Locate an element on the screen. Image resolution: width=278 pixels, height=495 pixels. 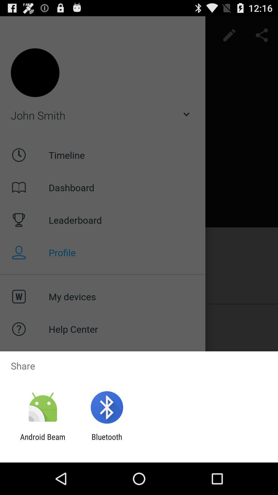
the icon to the left of bluetooth is located at coordinates (42, 441).